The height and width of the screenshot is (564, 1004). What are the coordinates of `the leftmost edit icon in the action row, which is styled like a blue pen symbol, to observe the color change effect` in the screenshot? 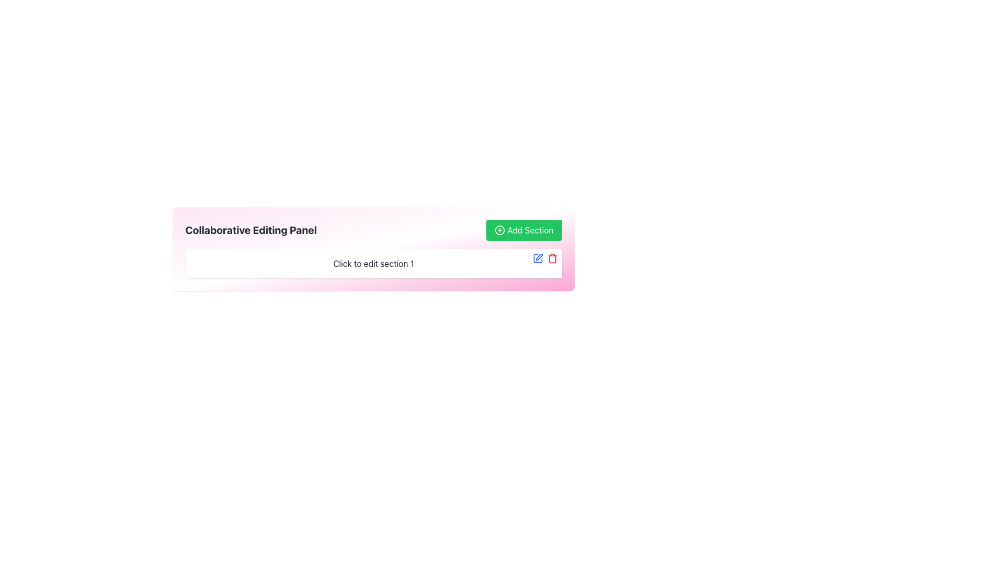 It's located at (538, 258).